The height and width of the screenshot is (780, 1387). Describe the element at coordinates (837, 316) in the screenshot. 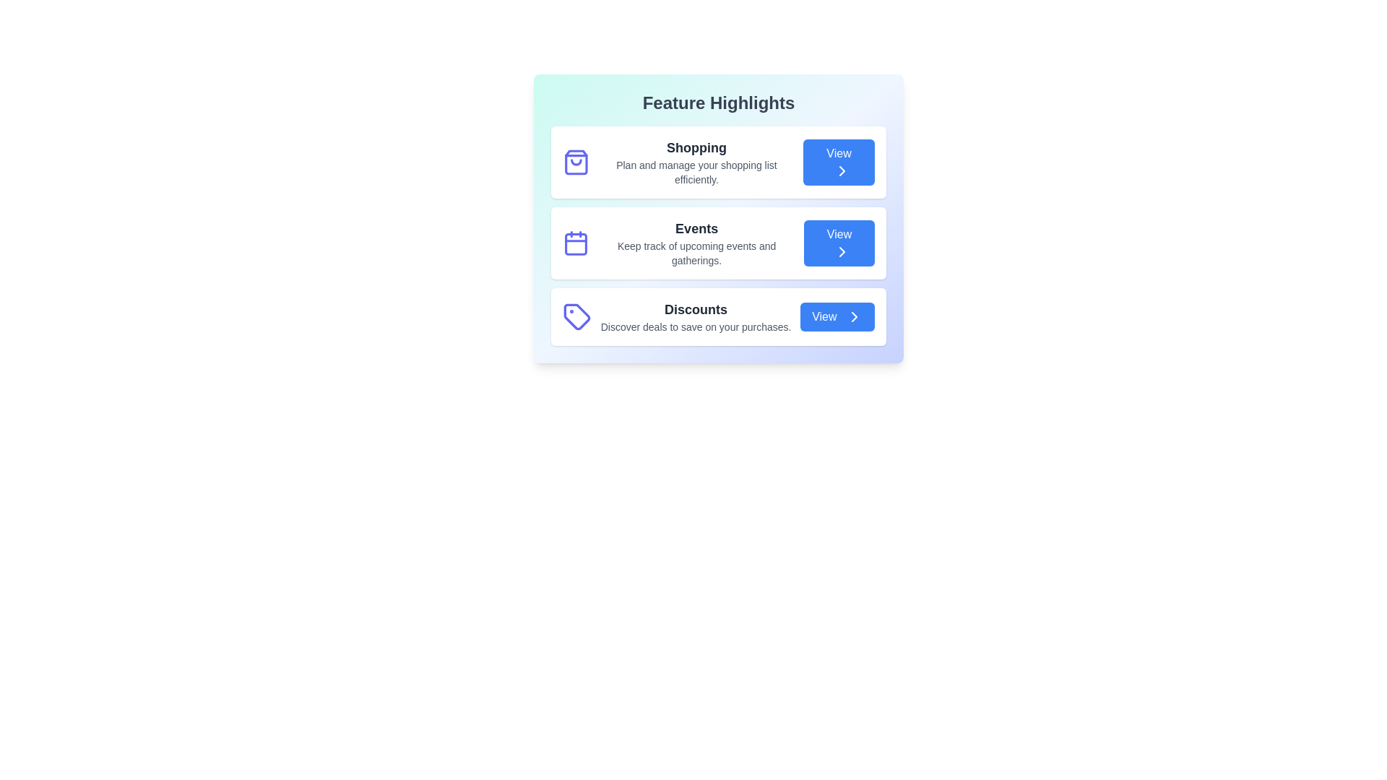

I see `the 'View' button for Discounts` at that location.